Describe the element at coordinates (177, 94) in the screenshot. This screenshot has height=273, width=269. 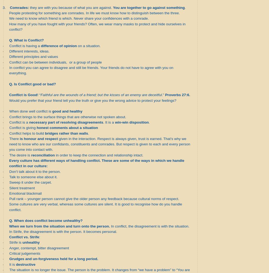
I see `'Proverbs 27:6.'` at that location.